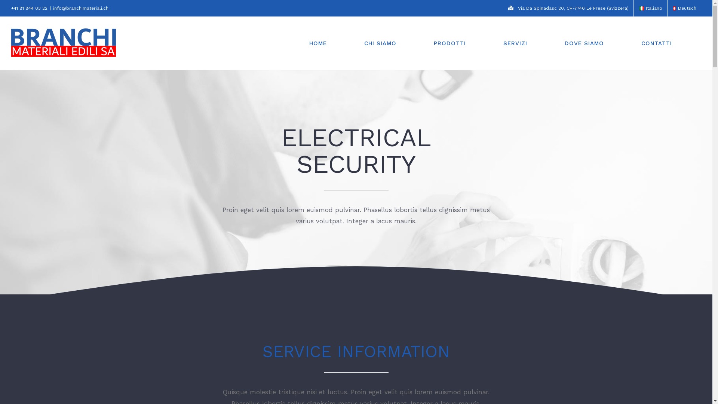 The width and height of the screenshot is (718, 404). I want to click on 'Italiano', so click(650, 8).